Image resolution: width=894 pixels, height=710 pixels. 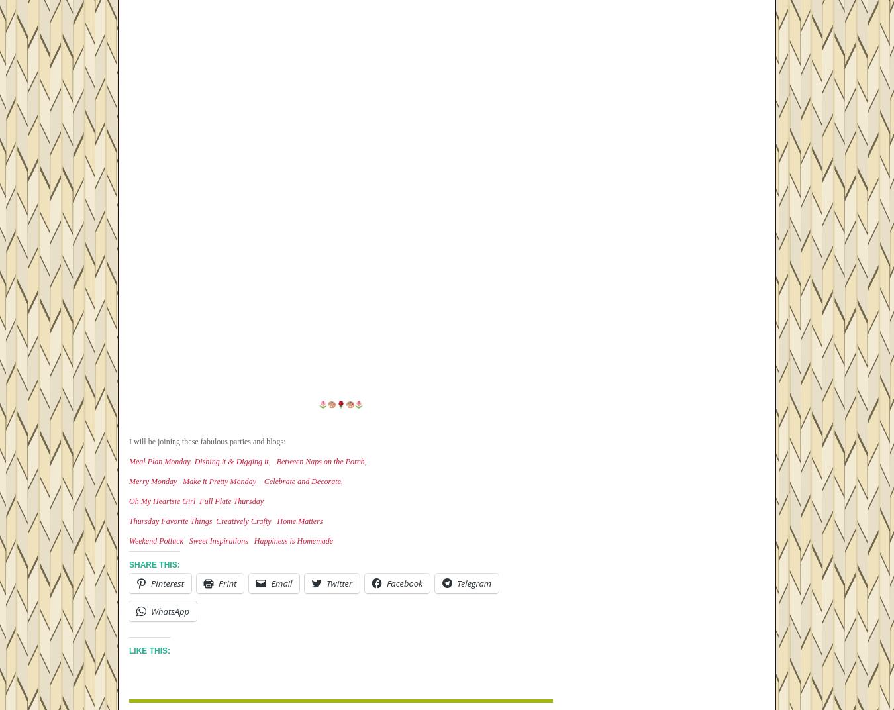 I want to click on 'Between Naps on the Porch', so click(x=276, y=461).